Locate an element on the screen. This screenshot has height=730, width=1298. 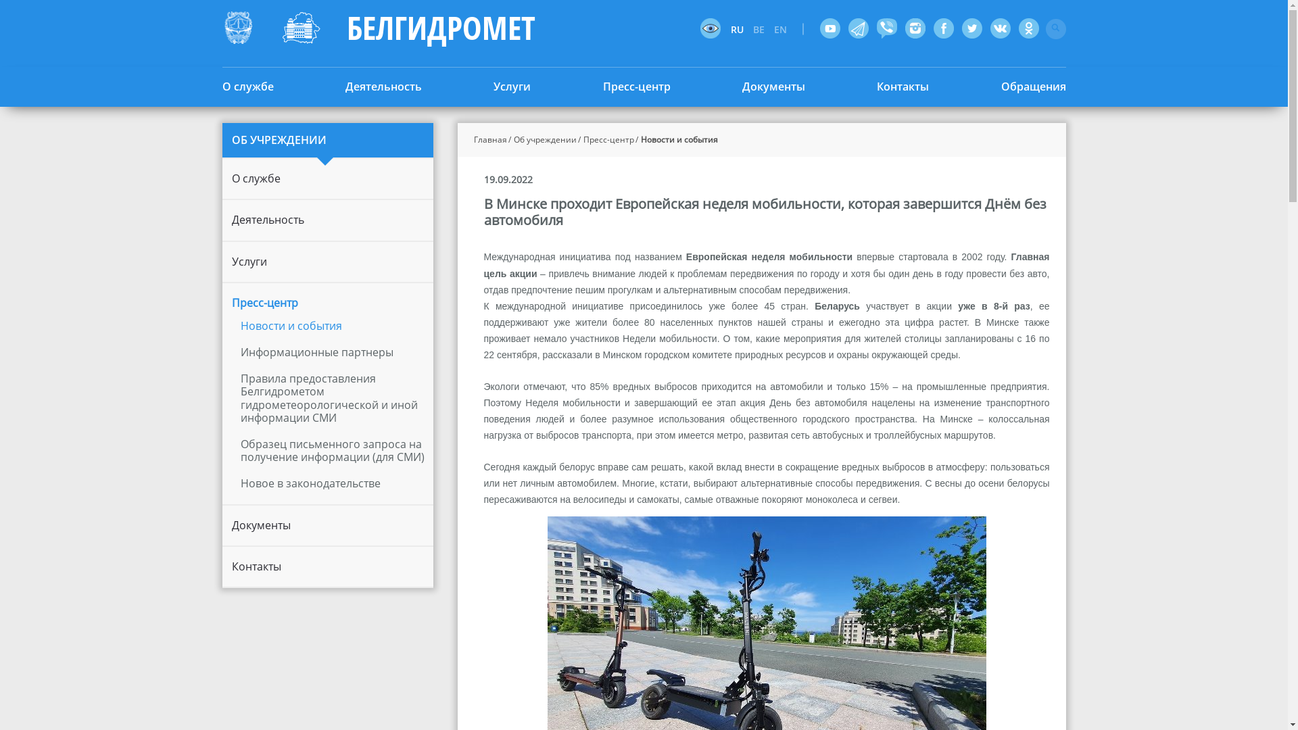
'ok.ru' is located at coordinates (1028, 28).